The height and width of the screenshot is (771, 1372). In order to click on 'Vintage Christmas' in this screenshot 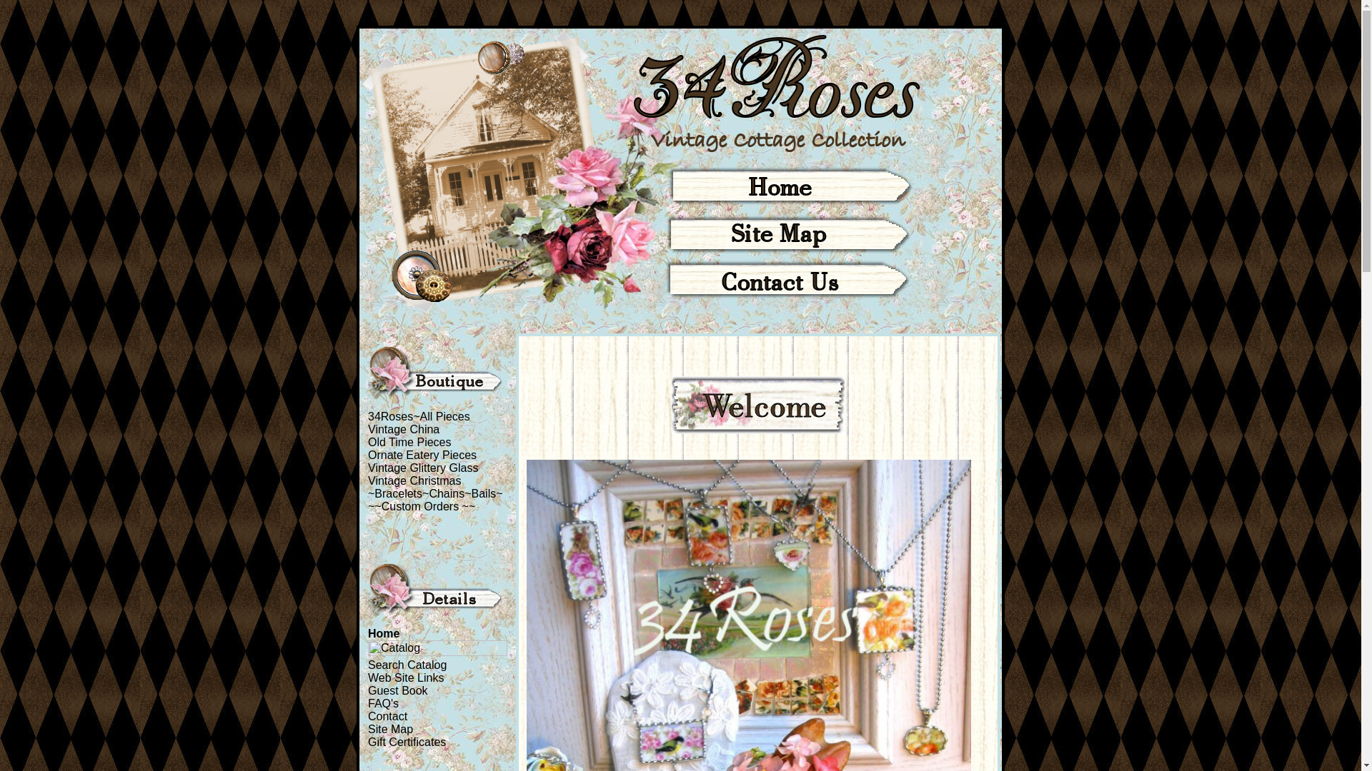, I will do `click(367, 480)`.